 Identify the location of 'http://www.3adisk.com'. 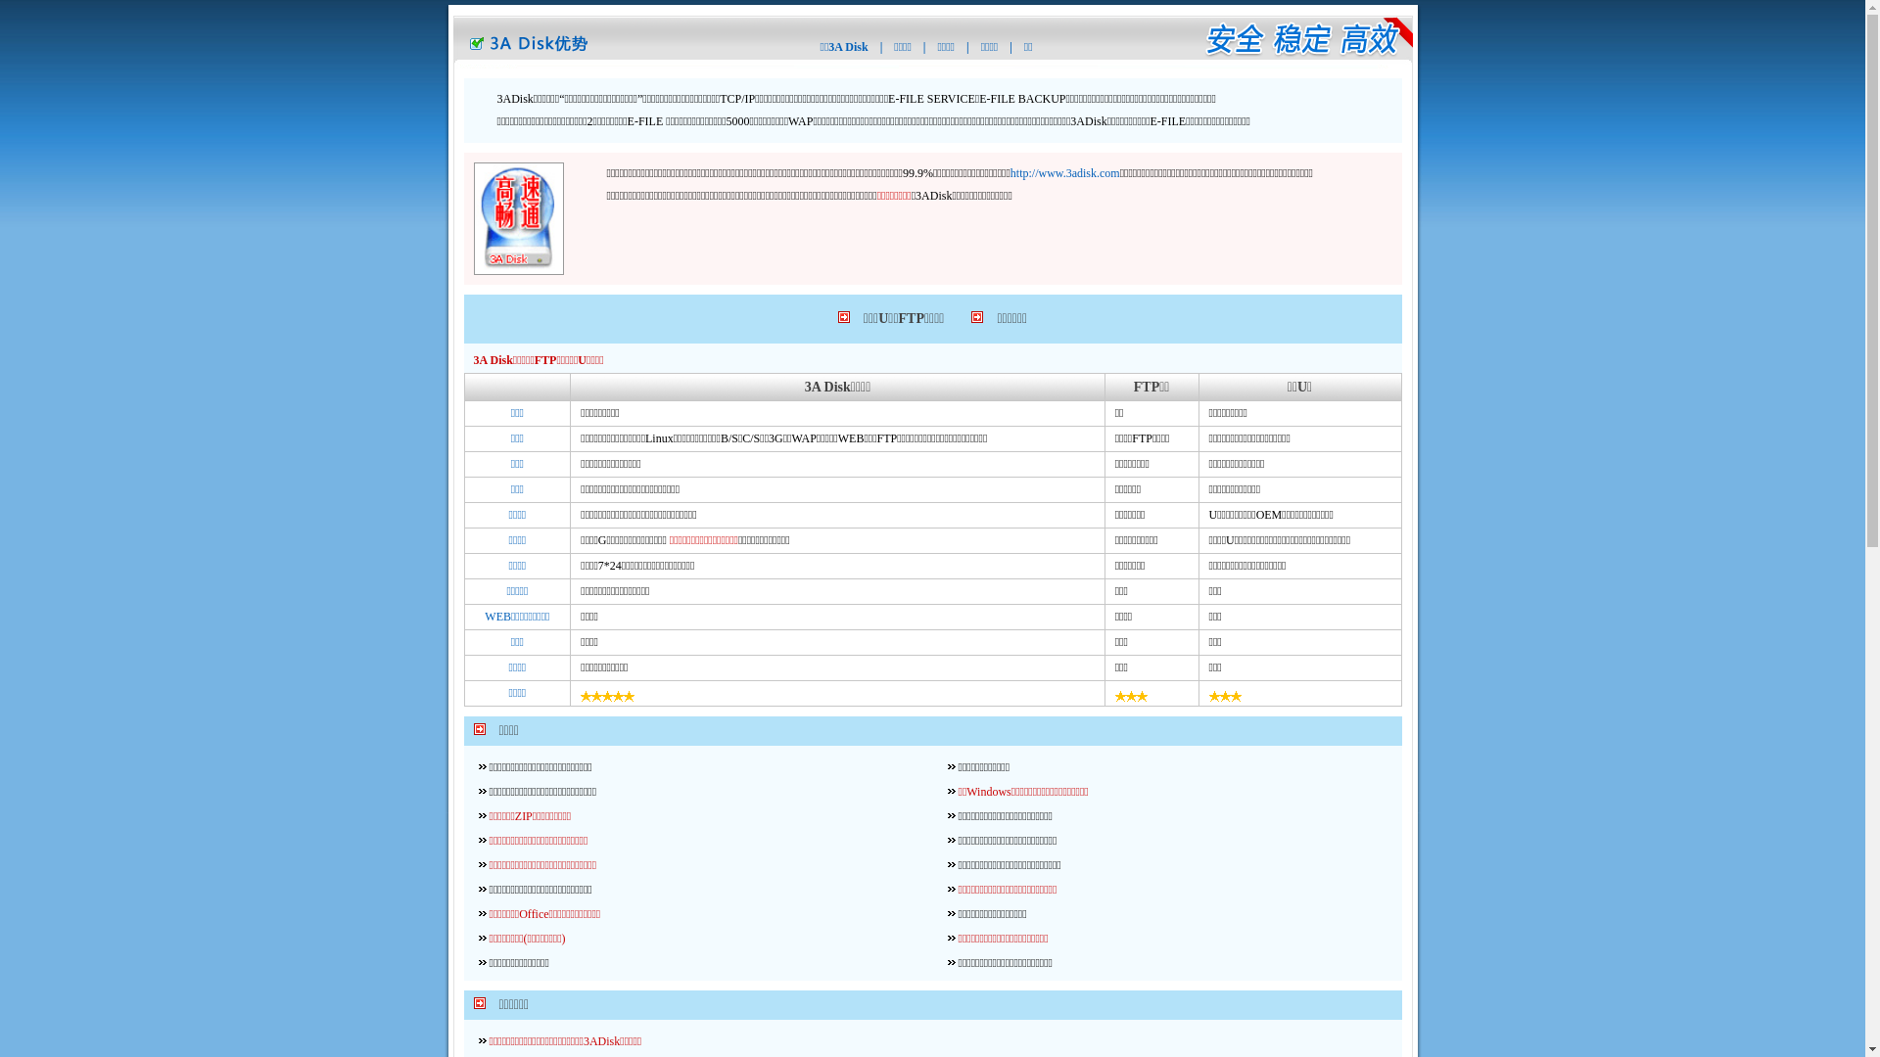
(1064, 172).